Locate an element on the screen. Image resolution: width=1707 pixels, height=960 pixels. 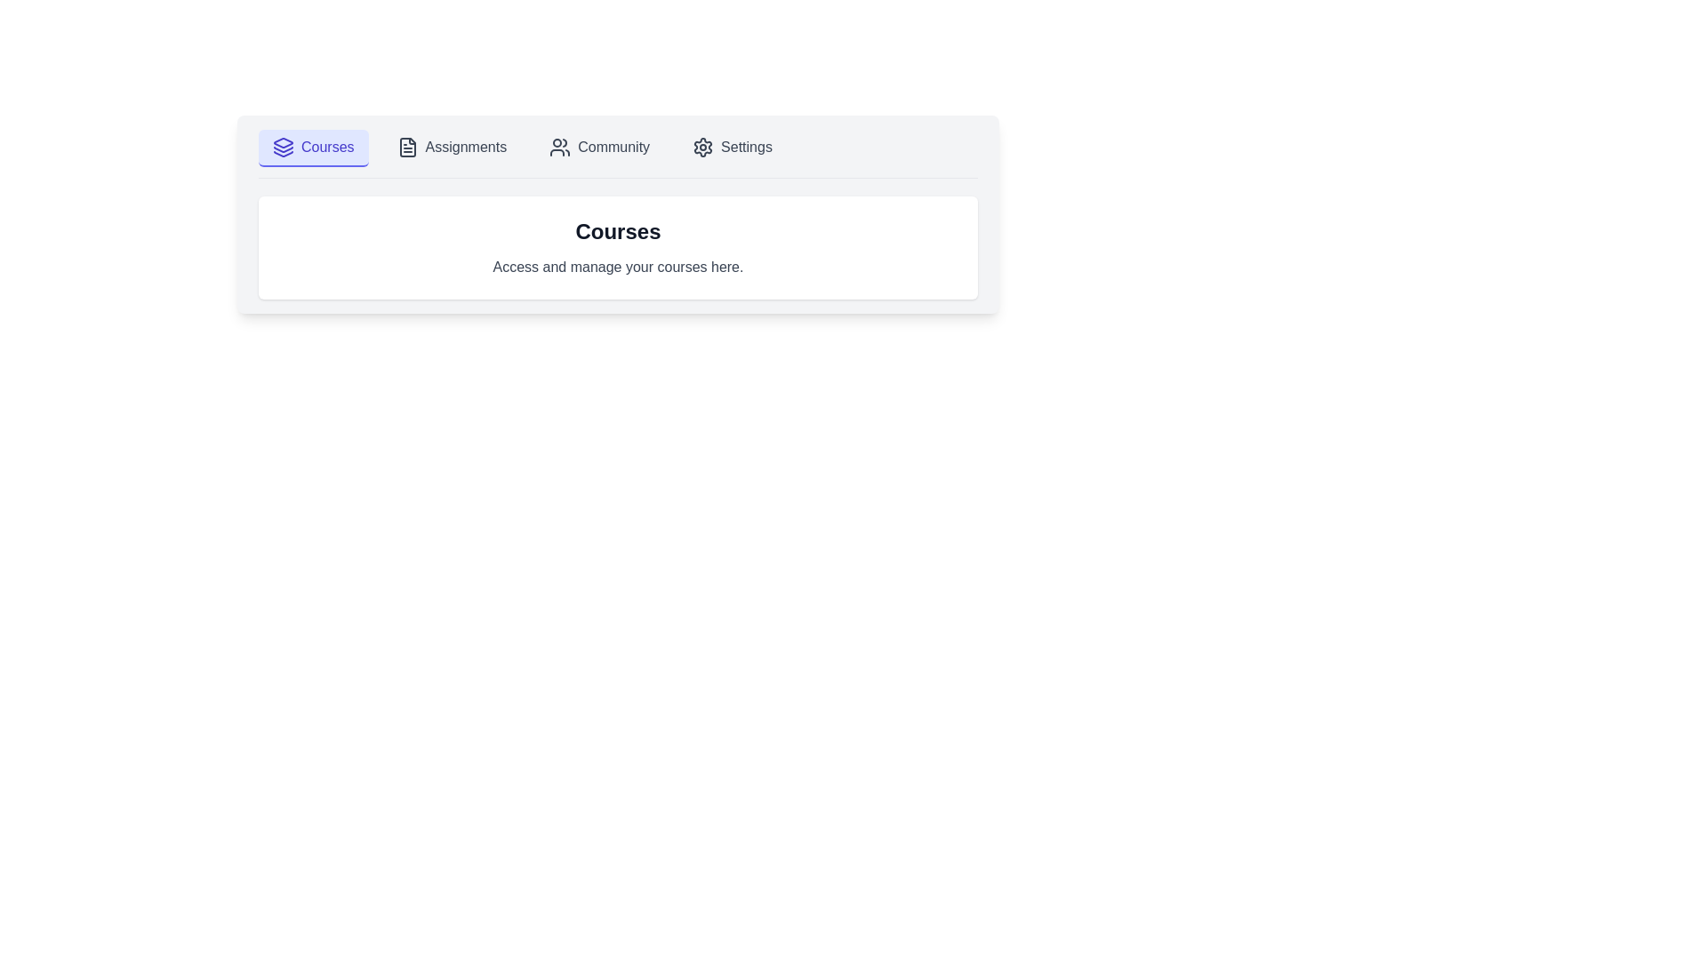
the 'Assignments' tab in the navigation bar is located at coordinates (452, 147).